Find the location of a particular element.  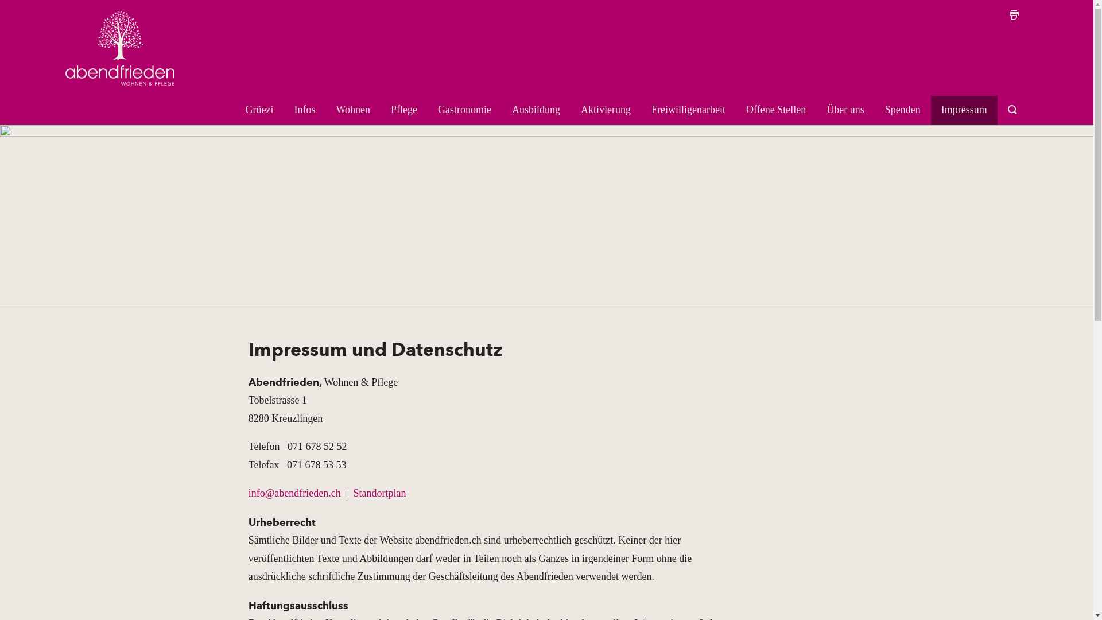

'Gastronomie' is located at coordinates (464, 110).